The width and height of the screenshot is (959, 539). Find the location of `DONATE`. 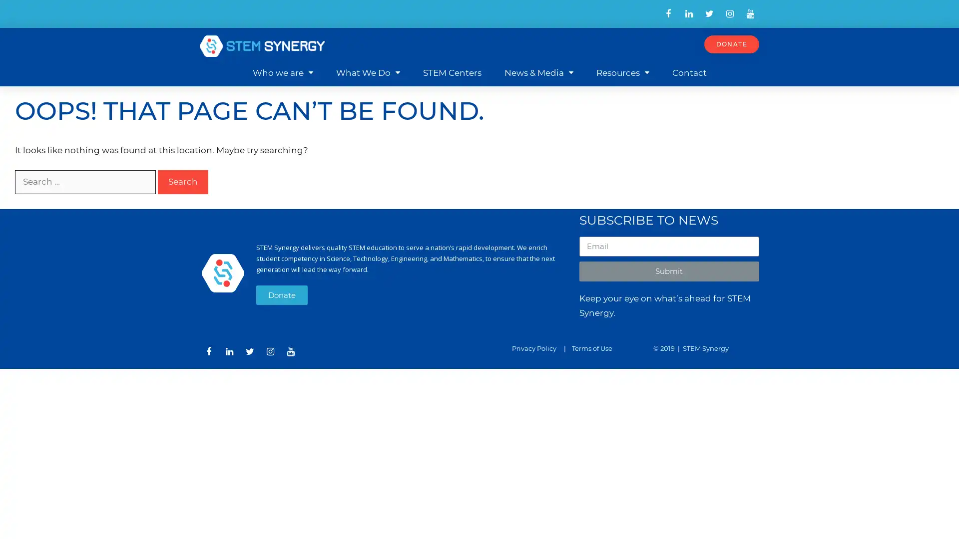

DONATE is located at coordinates (731, 43).